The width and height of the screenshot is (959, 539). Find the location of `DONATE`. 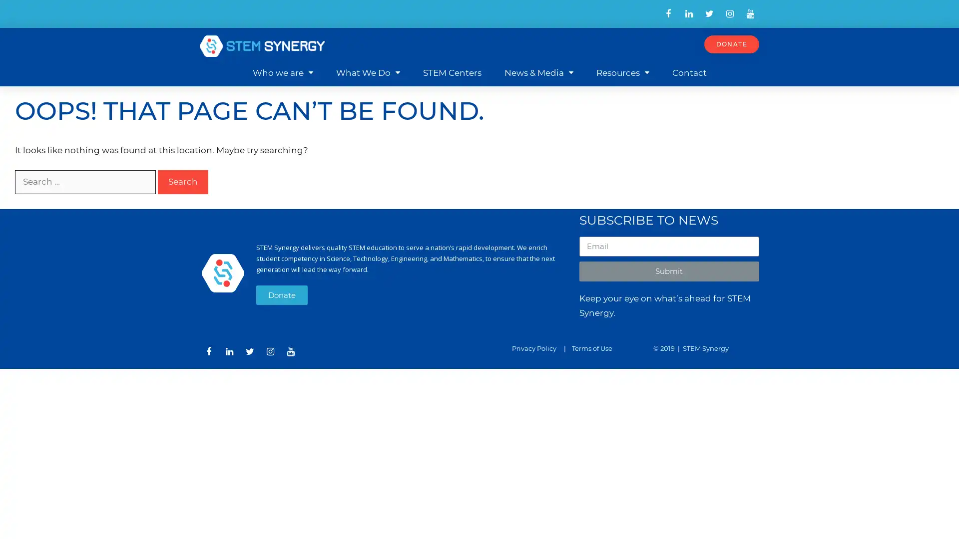

DONATE is located at coordinates (731, 43).